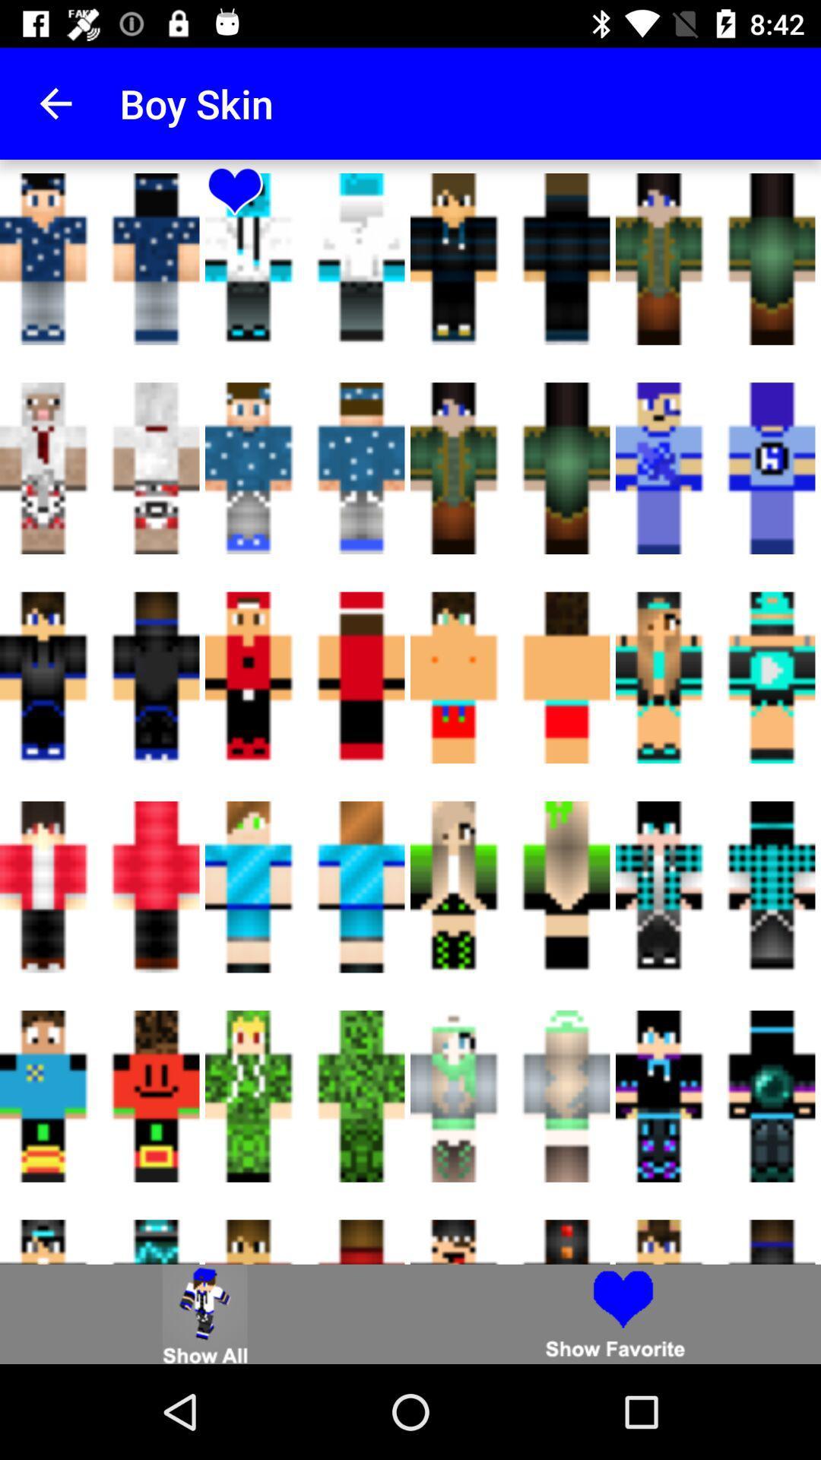 The width and height of the screenshot is (821, 1460). I want to click on show all skins, so click(205, 1313).